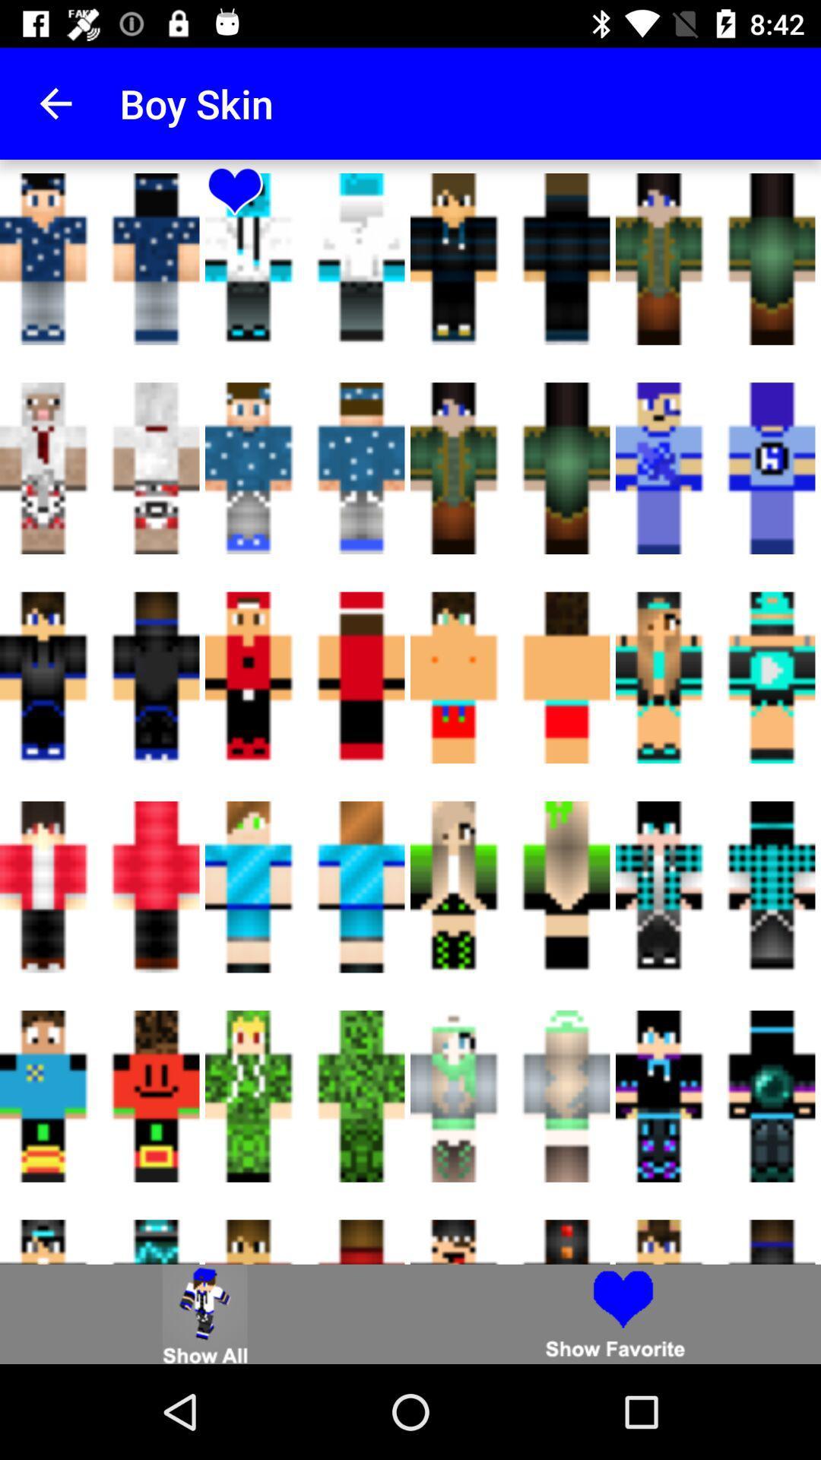 The width and height of the screenshot is (821, 1460). I want to click on show all skins, so click(205, 1313).